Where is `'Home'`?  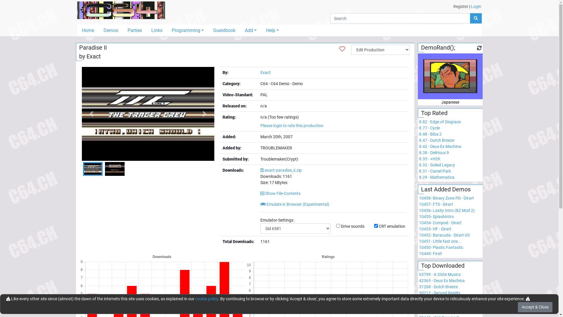 'Home' is located at coordinates (87, 31).